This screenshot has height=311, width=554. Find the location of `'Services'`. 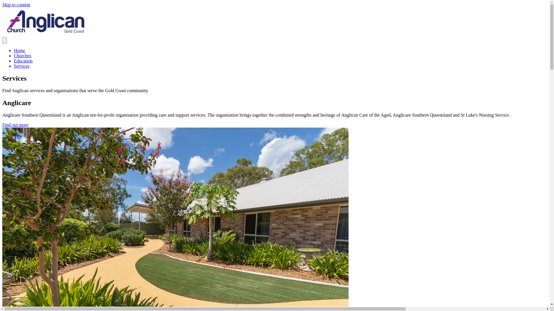

'Services' is located at coordinates (22, 66).